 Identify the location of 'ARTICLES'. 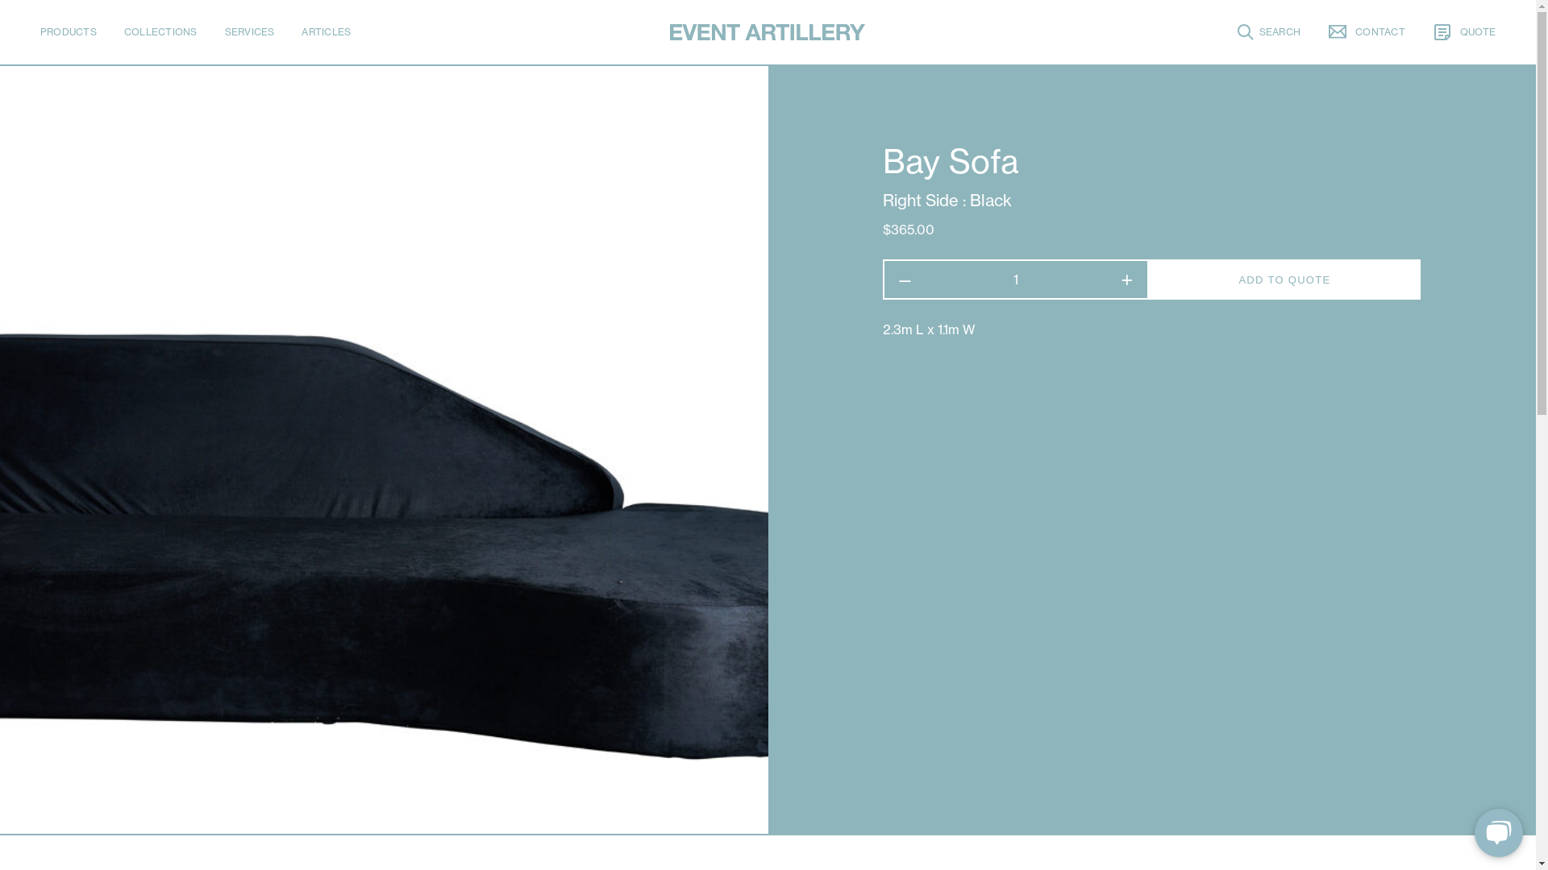
(325, 31).